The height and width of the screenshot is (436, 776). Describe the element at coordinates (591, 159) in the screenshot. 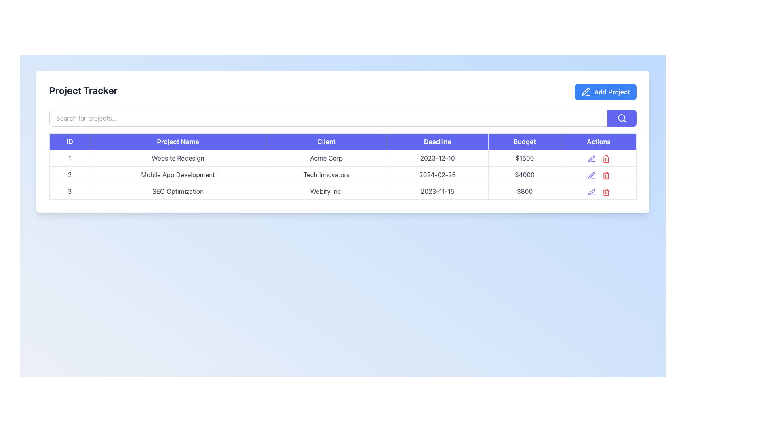

I see `the edit icon button located in the upper-right corner of the interface within the 'Actions' column of the first row in the project tracker table to initiate an edit` at that location.